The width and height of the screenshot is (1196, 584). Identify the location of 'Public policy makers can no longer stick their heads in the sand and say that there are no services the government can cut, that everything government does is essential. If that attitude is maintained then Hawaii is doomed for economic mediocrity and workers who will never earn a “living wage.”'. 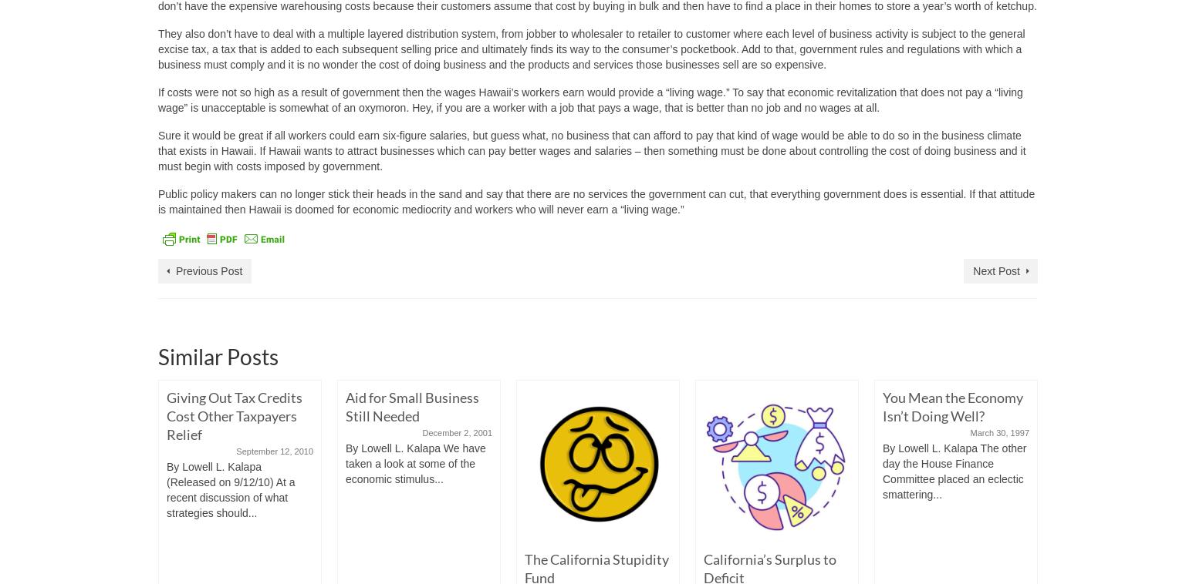
(596, 201).